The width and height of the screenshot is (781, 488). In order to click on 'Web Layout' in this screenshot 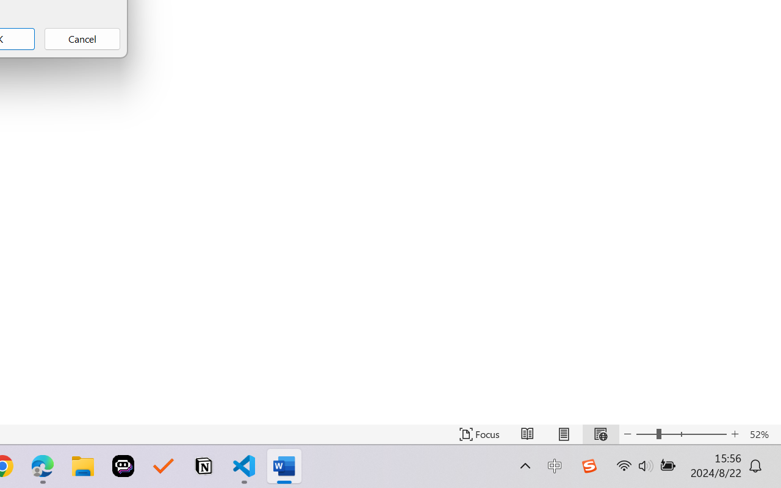, I will do `click(600, 434)`.